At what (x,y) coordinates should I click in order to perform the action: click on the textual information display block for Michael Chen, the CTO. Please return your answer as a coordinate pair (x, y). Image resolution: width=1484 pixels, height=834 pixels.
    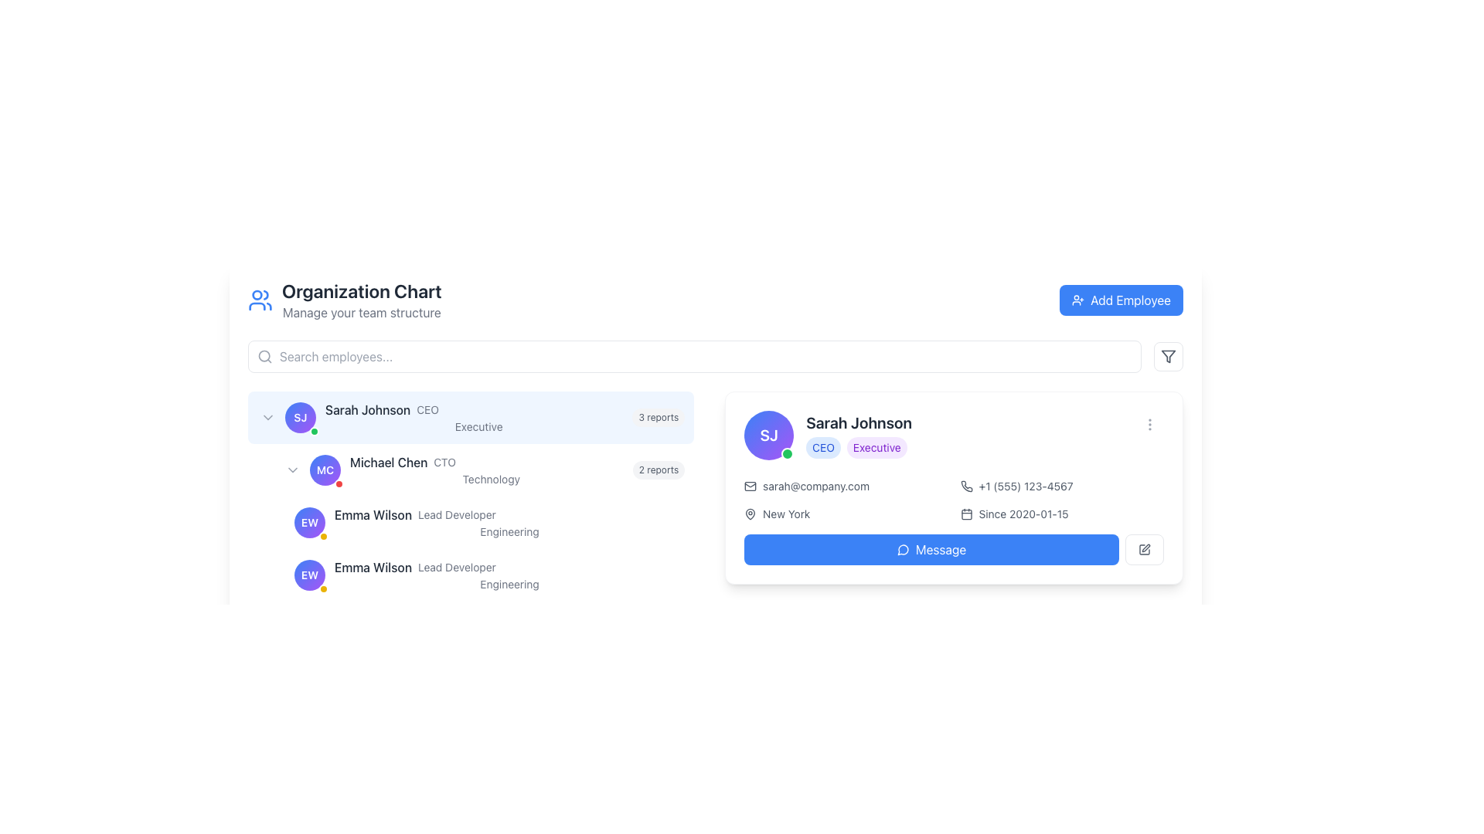
    Looking at the image, I should click on (476, 497).